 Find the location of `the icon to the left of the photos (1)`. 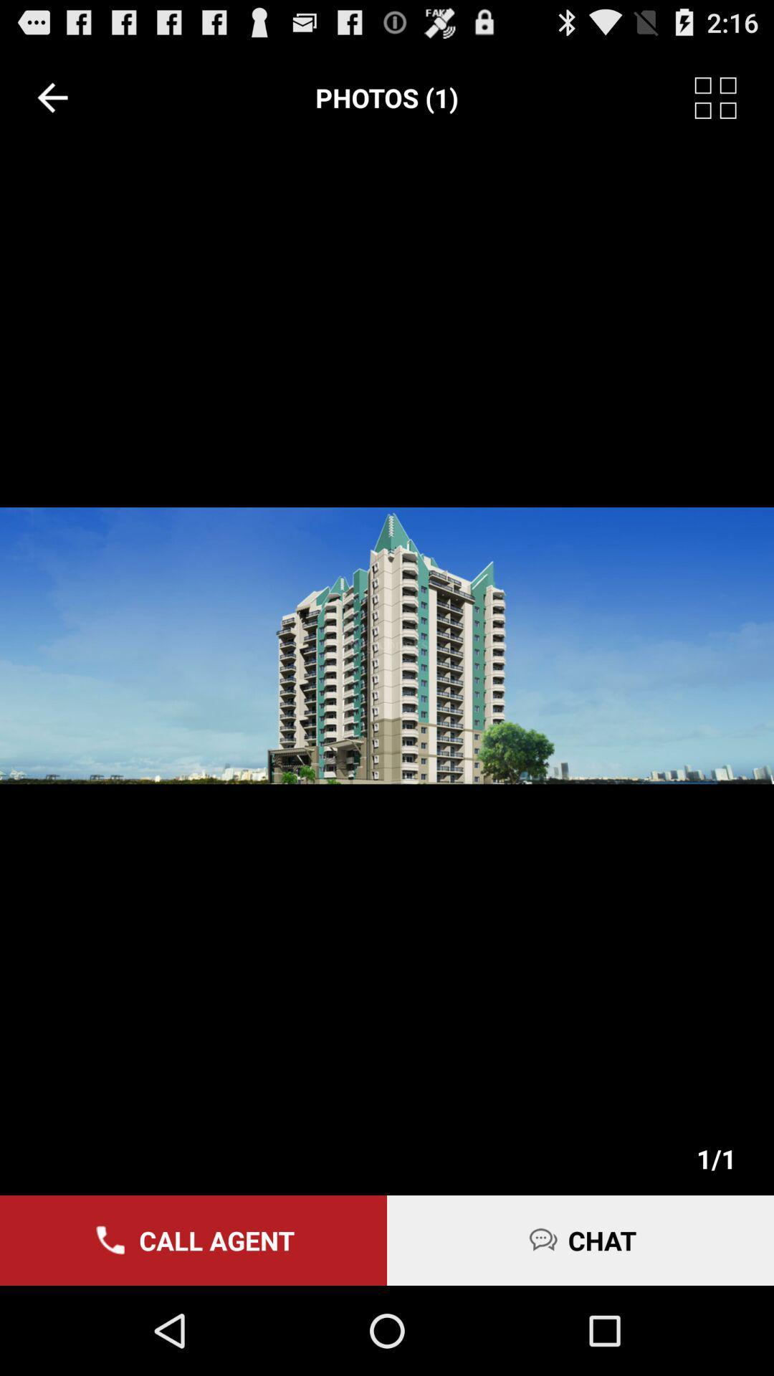

the icon to the left of the photos (1) is located at coordinates (52, 97).